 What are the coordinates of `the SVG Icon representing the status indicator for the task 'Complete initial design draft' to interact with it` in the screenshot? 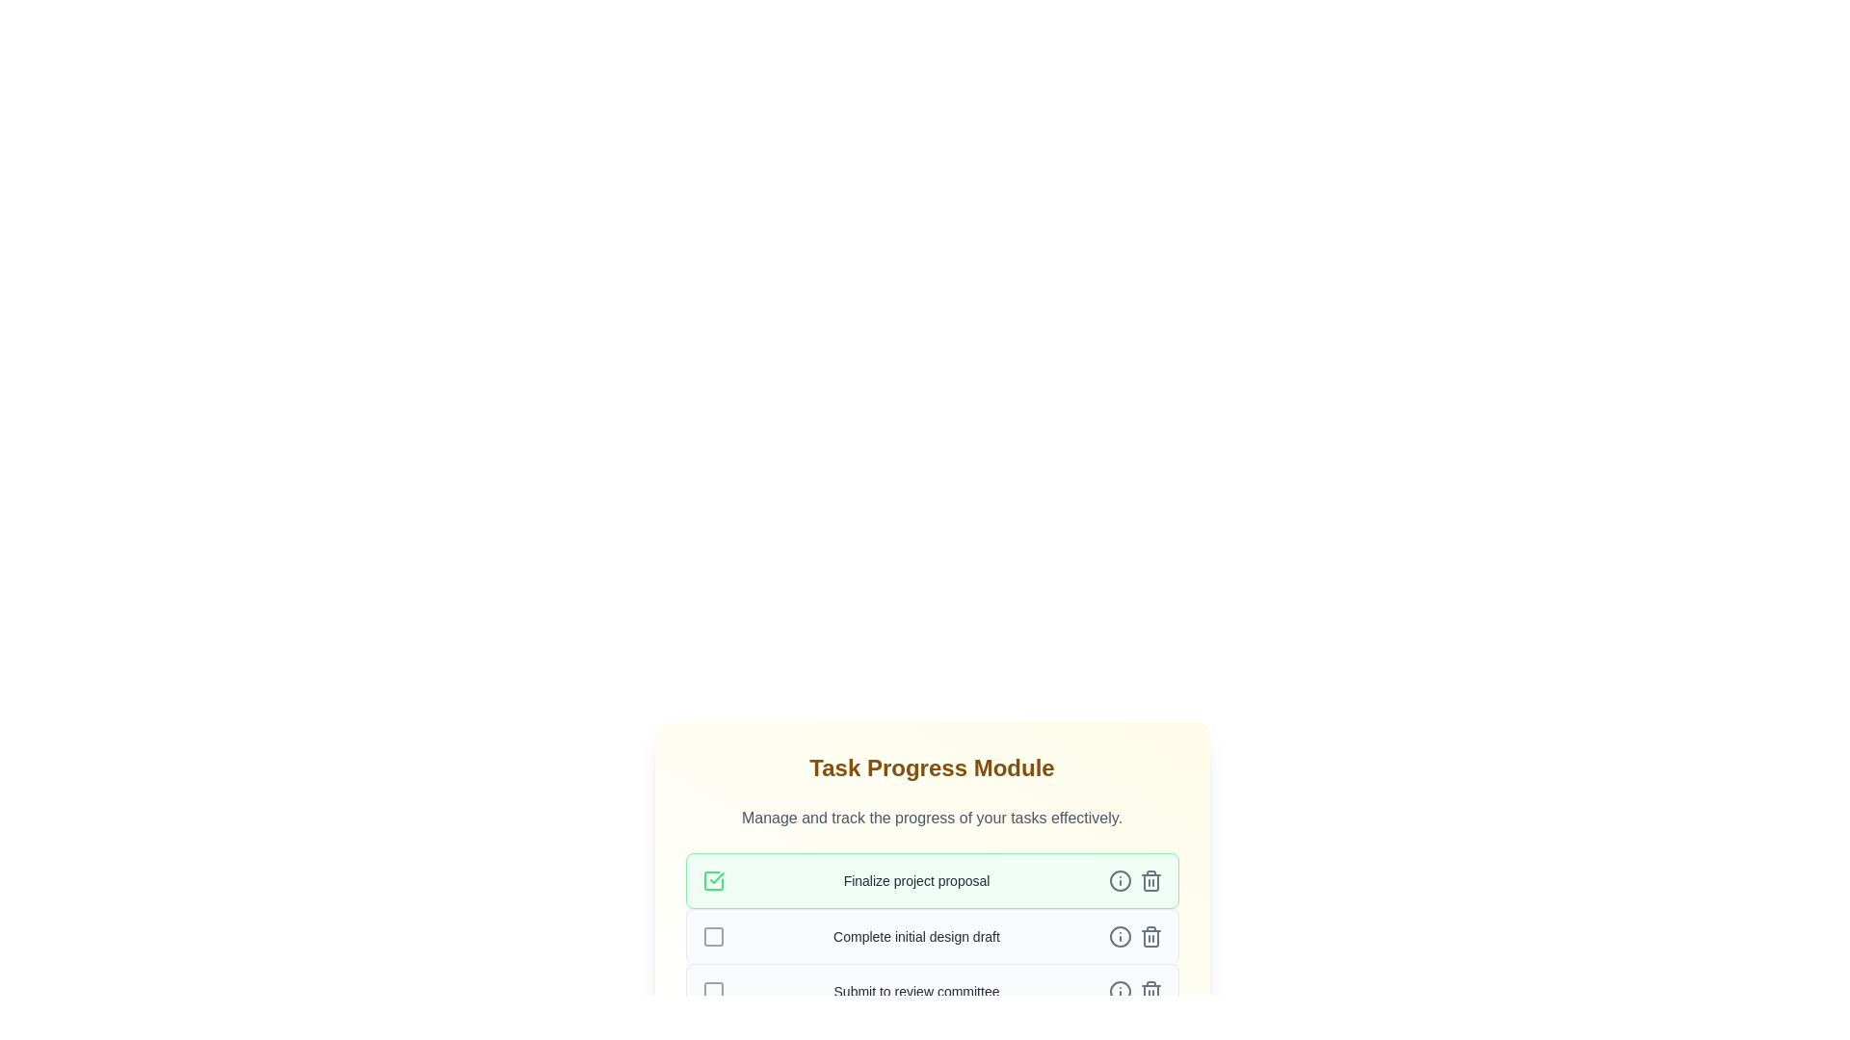 It's located at (712, 935).